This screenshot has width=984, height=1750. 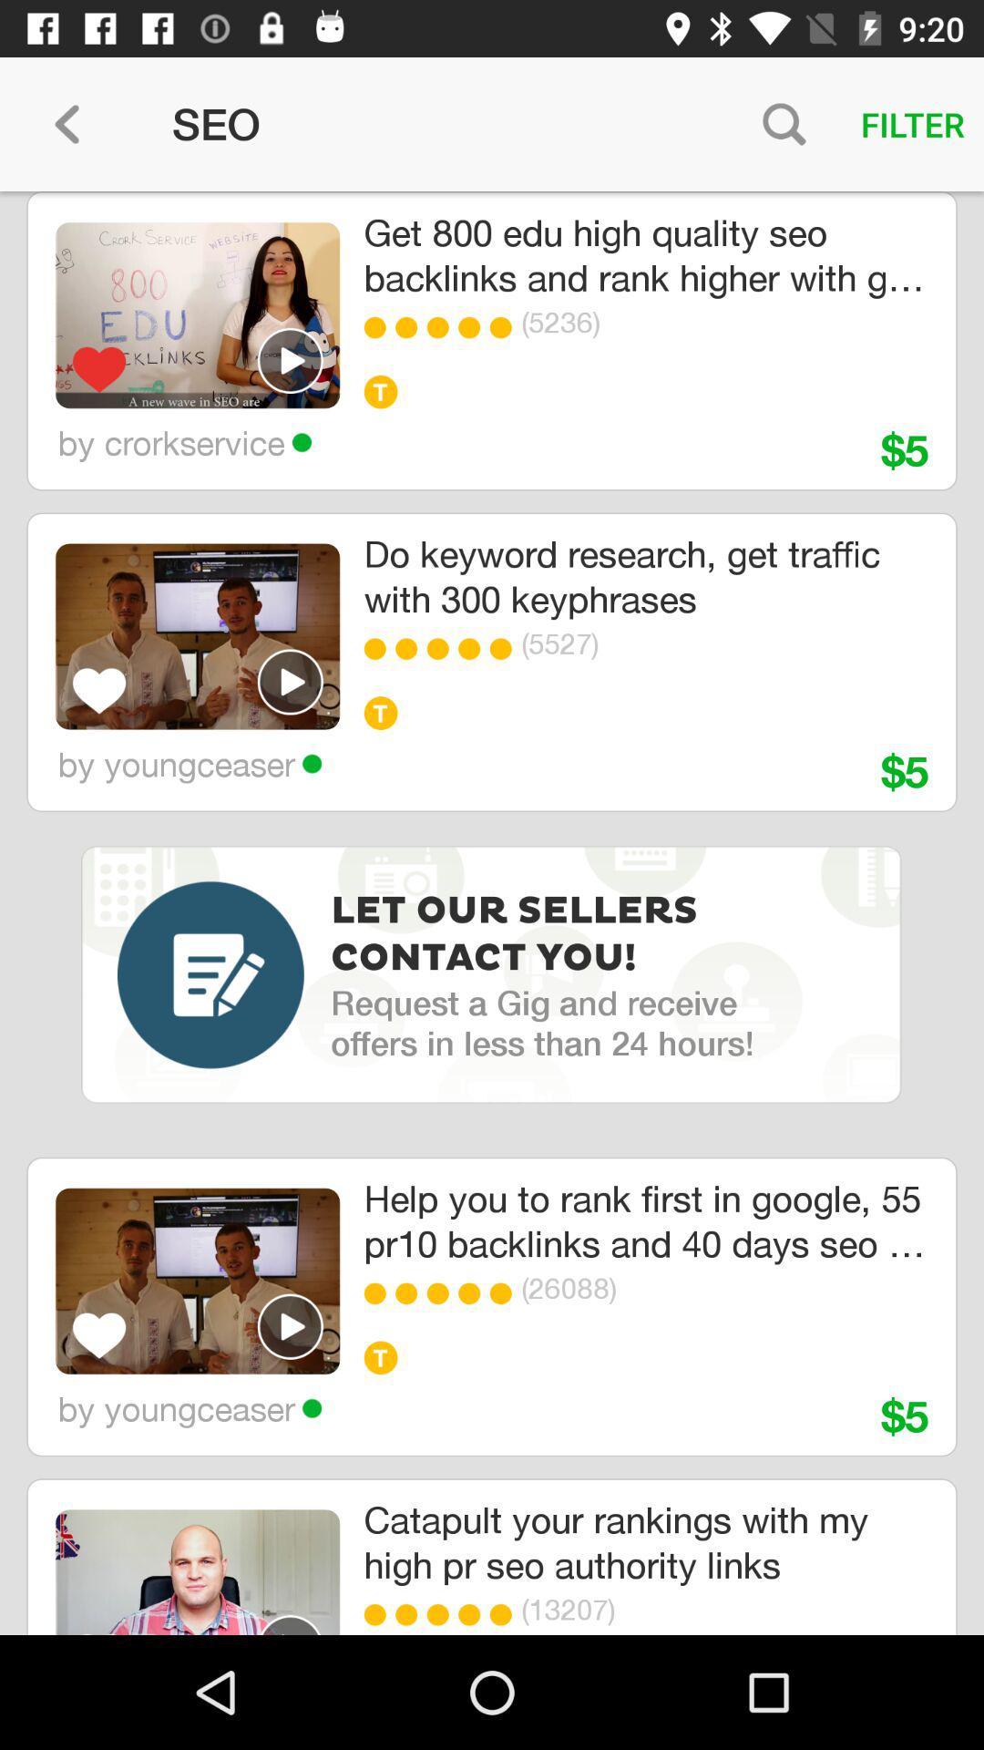 What do you see at coordinates (520, 935) in the screenshot?
I see `the item below by youngceaser icon` at bounding box center [520, 935].